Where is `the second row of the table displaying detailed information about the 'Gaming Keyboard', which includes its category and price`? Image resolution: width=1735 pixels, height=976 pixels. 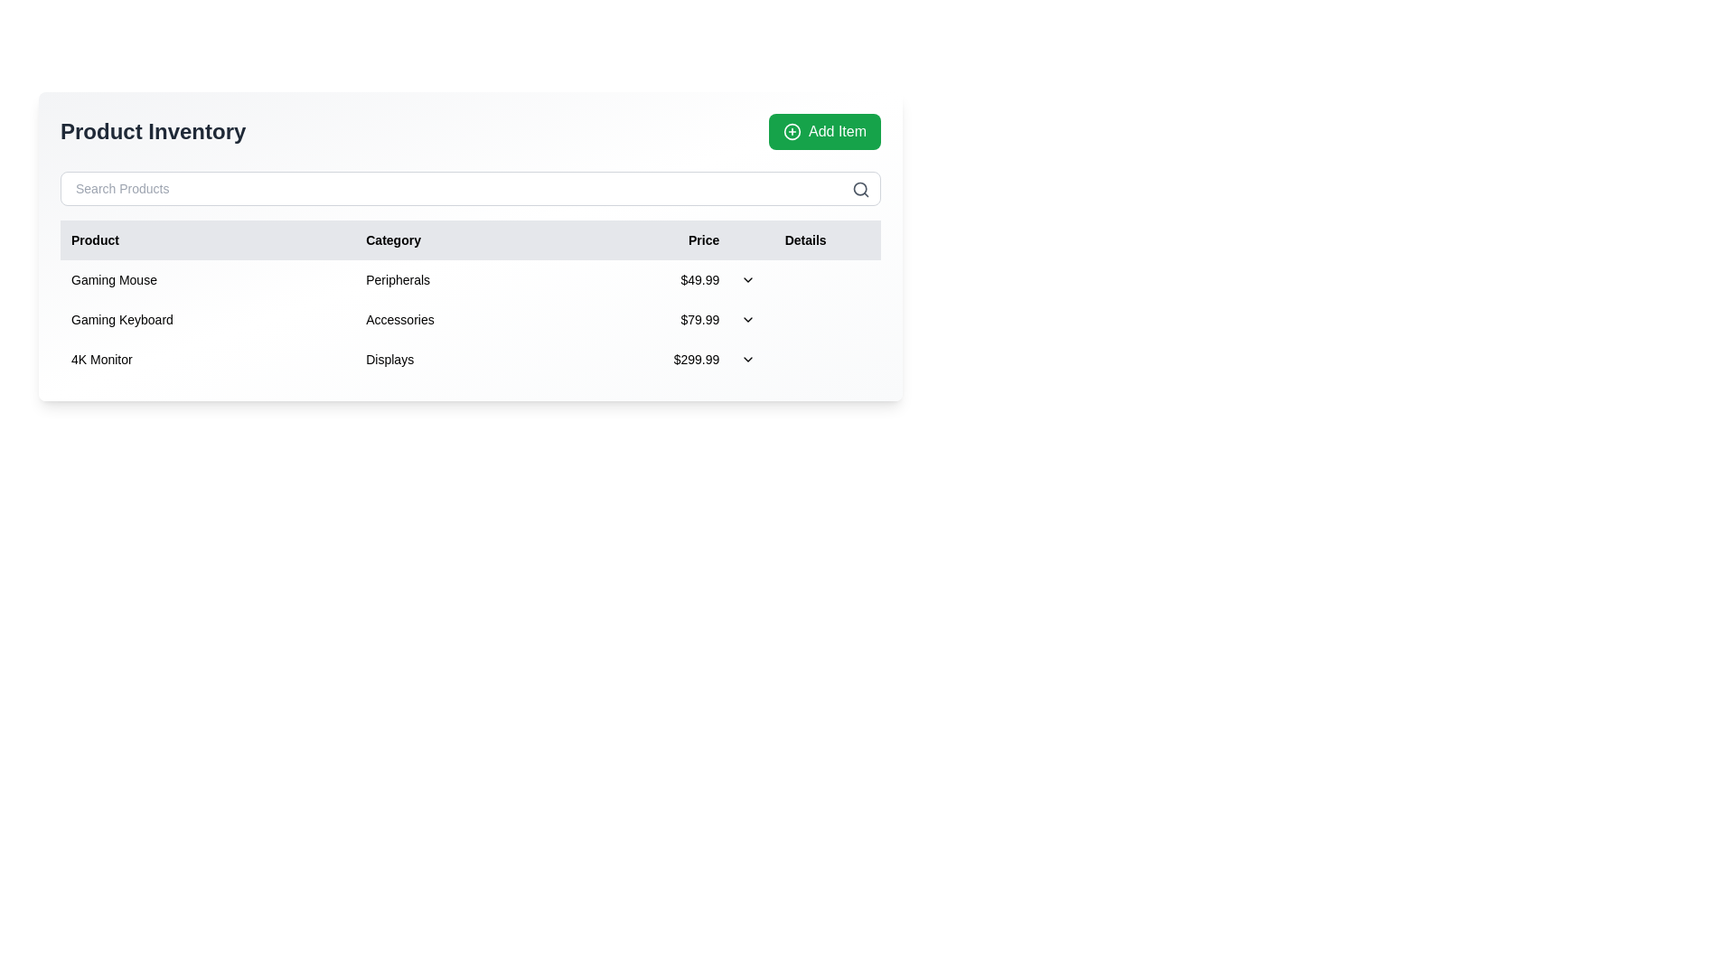 the second row of the table displaying detailed information about the 'Gaming Keyboard', which includes its category and price is located at coordinates (471, 319).